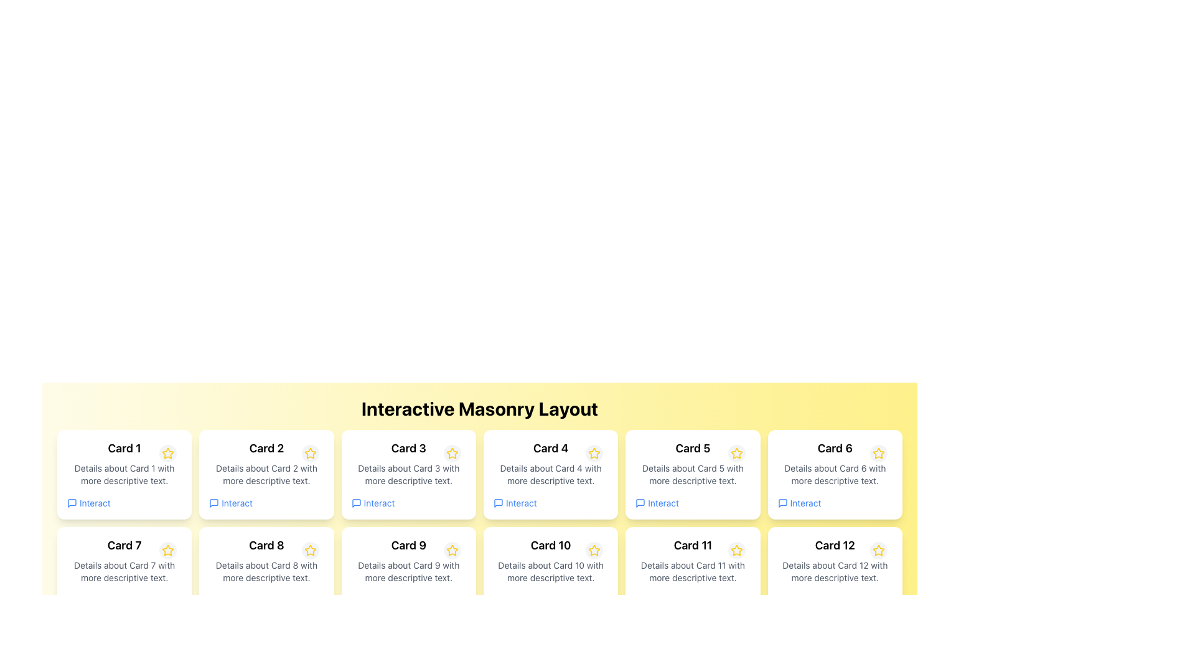 The width and height of the screenshot is (1195, 672). What do you see at coordinates (799, 503) in the screenshot?
I see `the 'Interact' text button with a chat bubble icon to observe the underline effect when hovered over` at bounding box center [799, 503].